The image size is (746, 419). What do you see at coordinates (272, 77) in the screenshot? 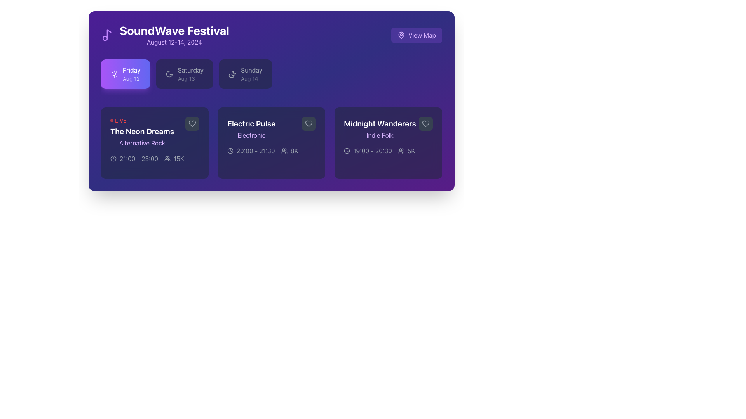
I see `the horizontal tab bar with selectable items` at bounding box center [272, 77].